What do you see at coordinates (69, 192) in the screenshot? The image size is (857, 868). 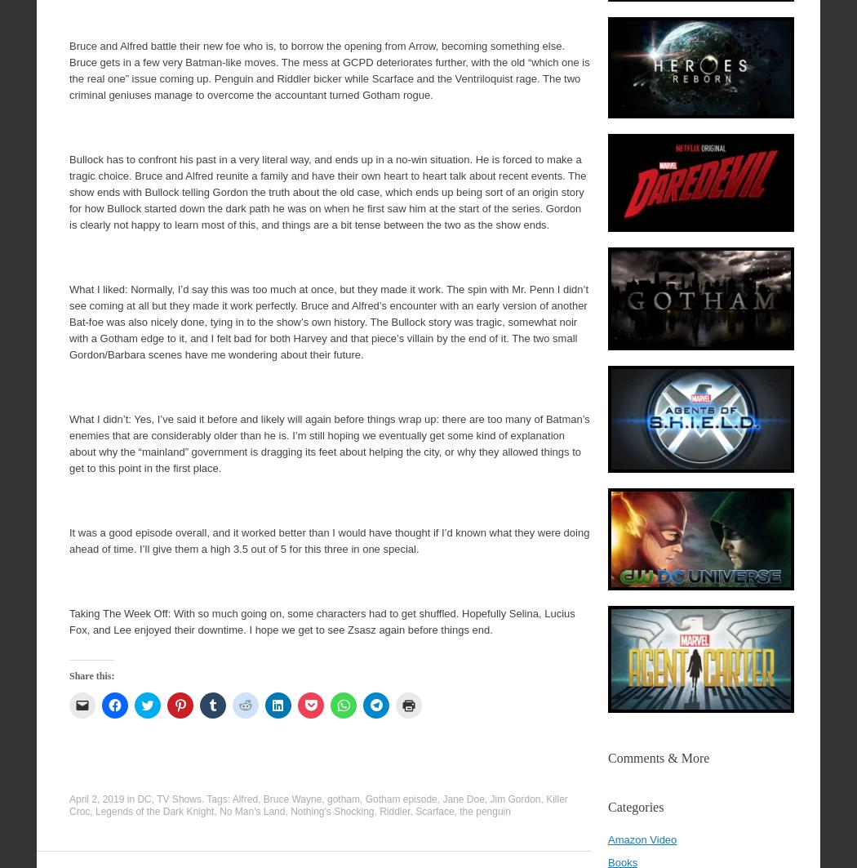 I see `'Bullock has to confront his past in a very literal way, and ends up in a no-win situation. He is forced to make a tragic choice. Bruce and Alfred reunite a family and have their own heart to heart talk about recent events. The show ends with Bullock telling Gordon the truth about the old case, which ends up being sort of an origin story for how Bullock started down the dark path he was on when he first saw him at the start of the series. Gordon is clearly not happy to learn most of this, and things are a bit tense between the two as the show ends.'` at bounding box center [69, 192].